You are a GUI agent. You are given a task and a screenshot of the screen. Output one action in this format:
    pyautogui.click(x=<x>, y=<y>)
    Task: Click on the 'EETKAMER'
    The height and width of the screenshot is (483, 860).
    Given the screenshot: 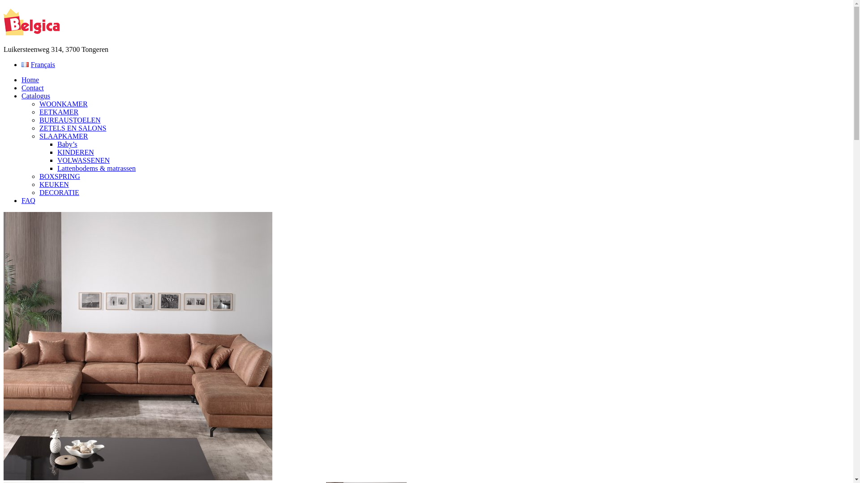 What is the action you would take?
    pyautogui.click(x=58, y=111)
    